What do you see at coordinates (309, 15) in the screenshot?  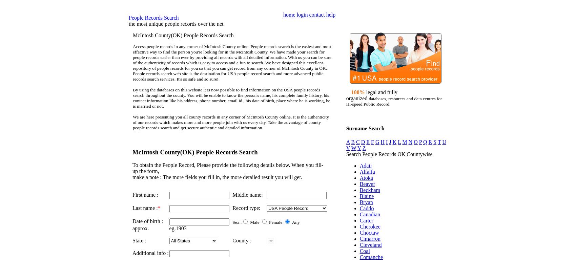 I see `'contact'` at bounding box center [309, 15].